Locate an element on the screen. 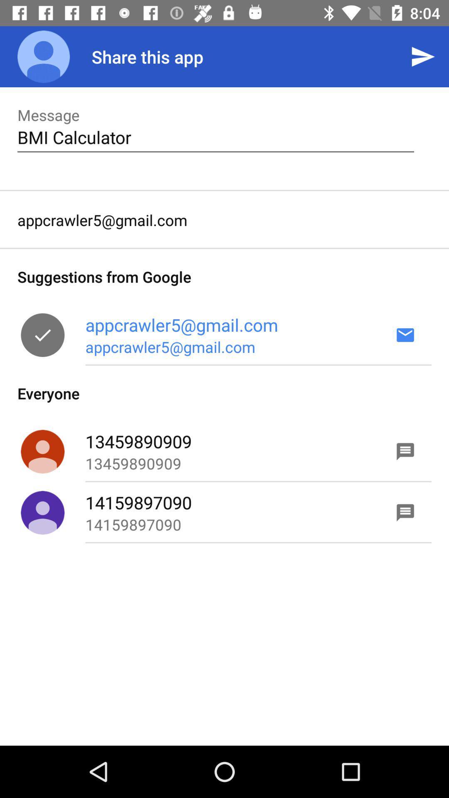  item next to share this app is located at coordinates (423, 56).